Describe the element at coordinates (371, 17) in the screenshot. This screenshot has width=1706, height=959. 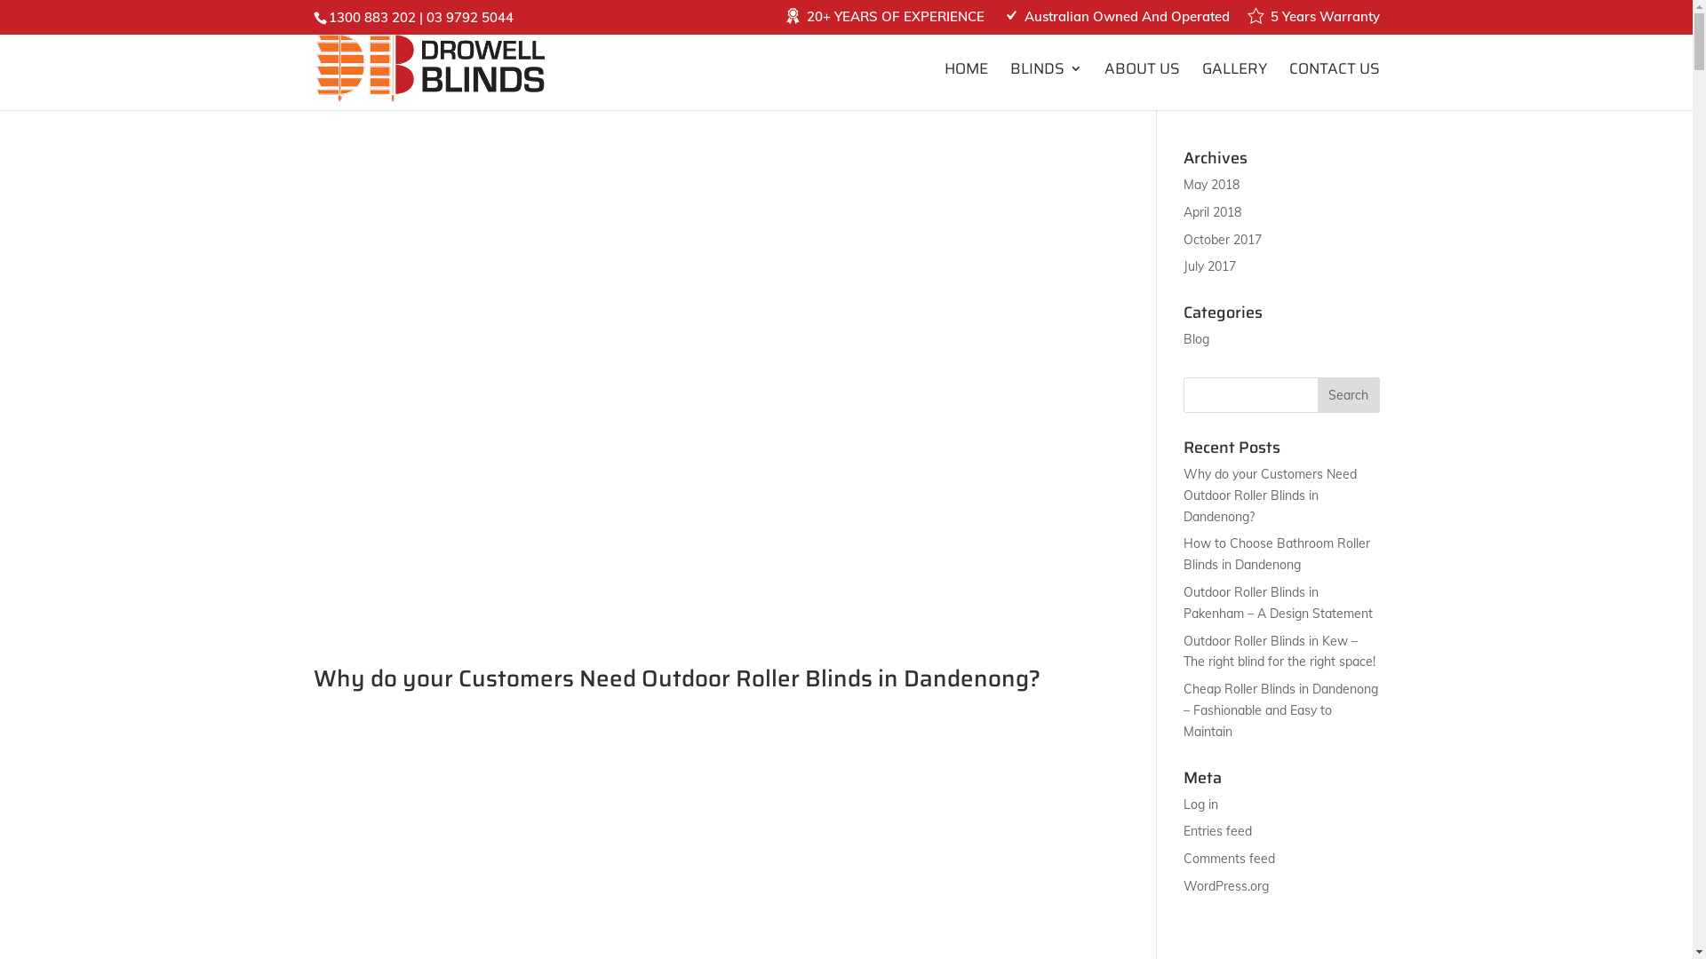
I see `'1300 883 202'` at that location.